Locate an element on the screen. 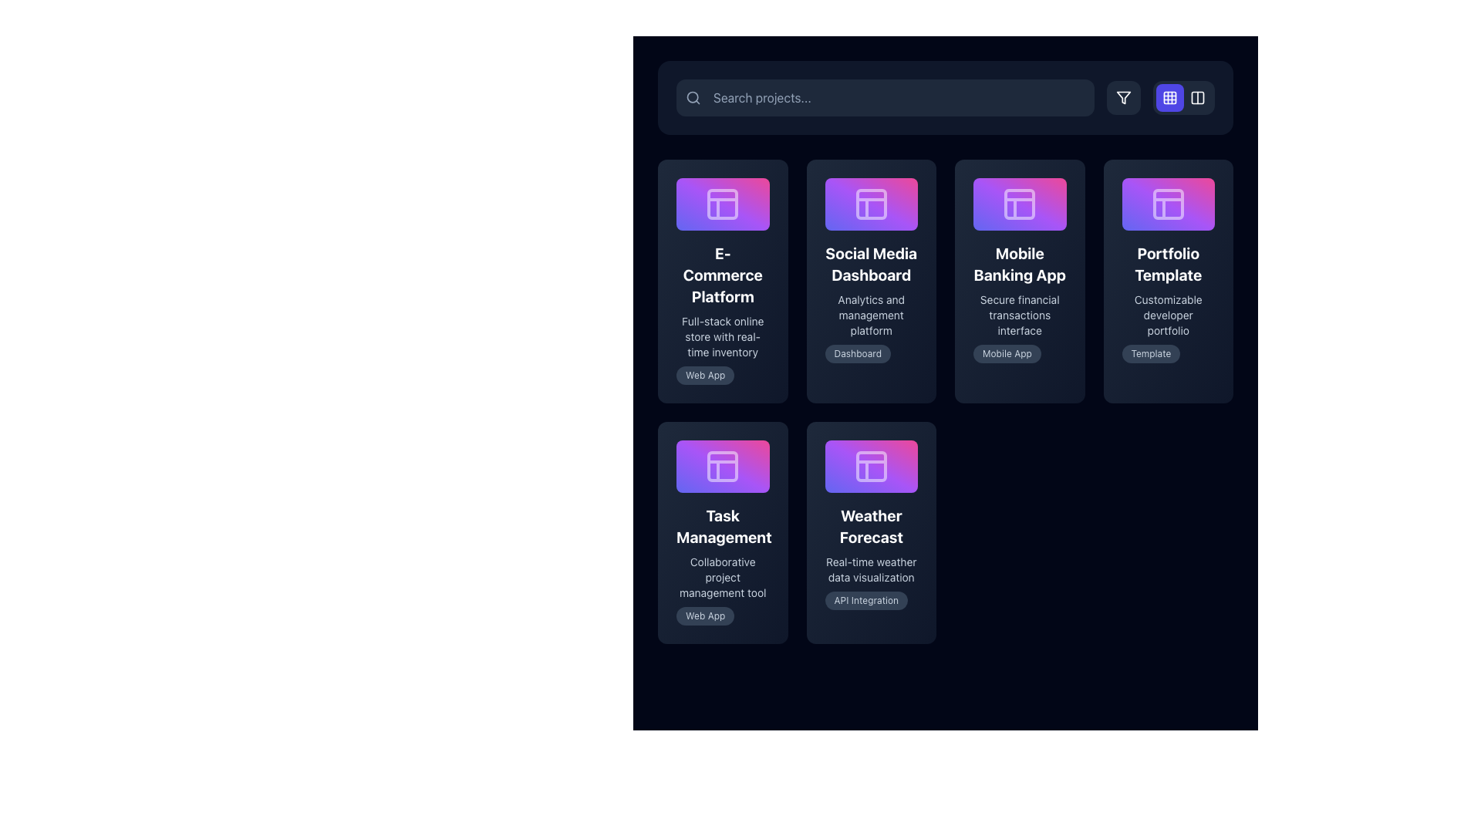 Image resolution: width=1481 pixels, height=833 pixels. the graphical icon representing the 'Weather Forecast' panel, located in the bottom row, second column among six cards is located at coordinates (871, 465).